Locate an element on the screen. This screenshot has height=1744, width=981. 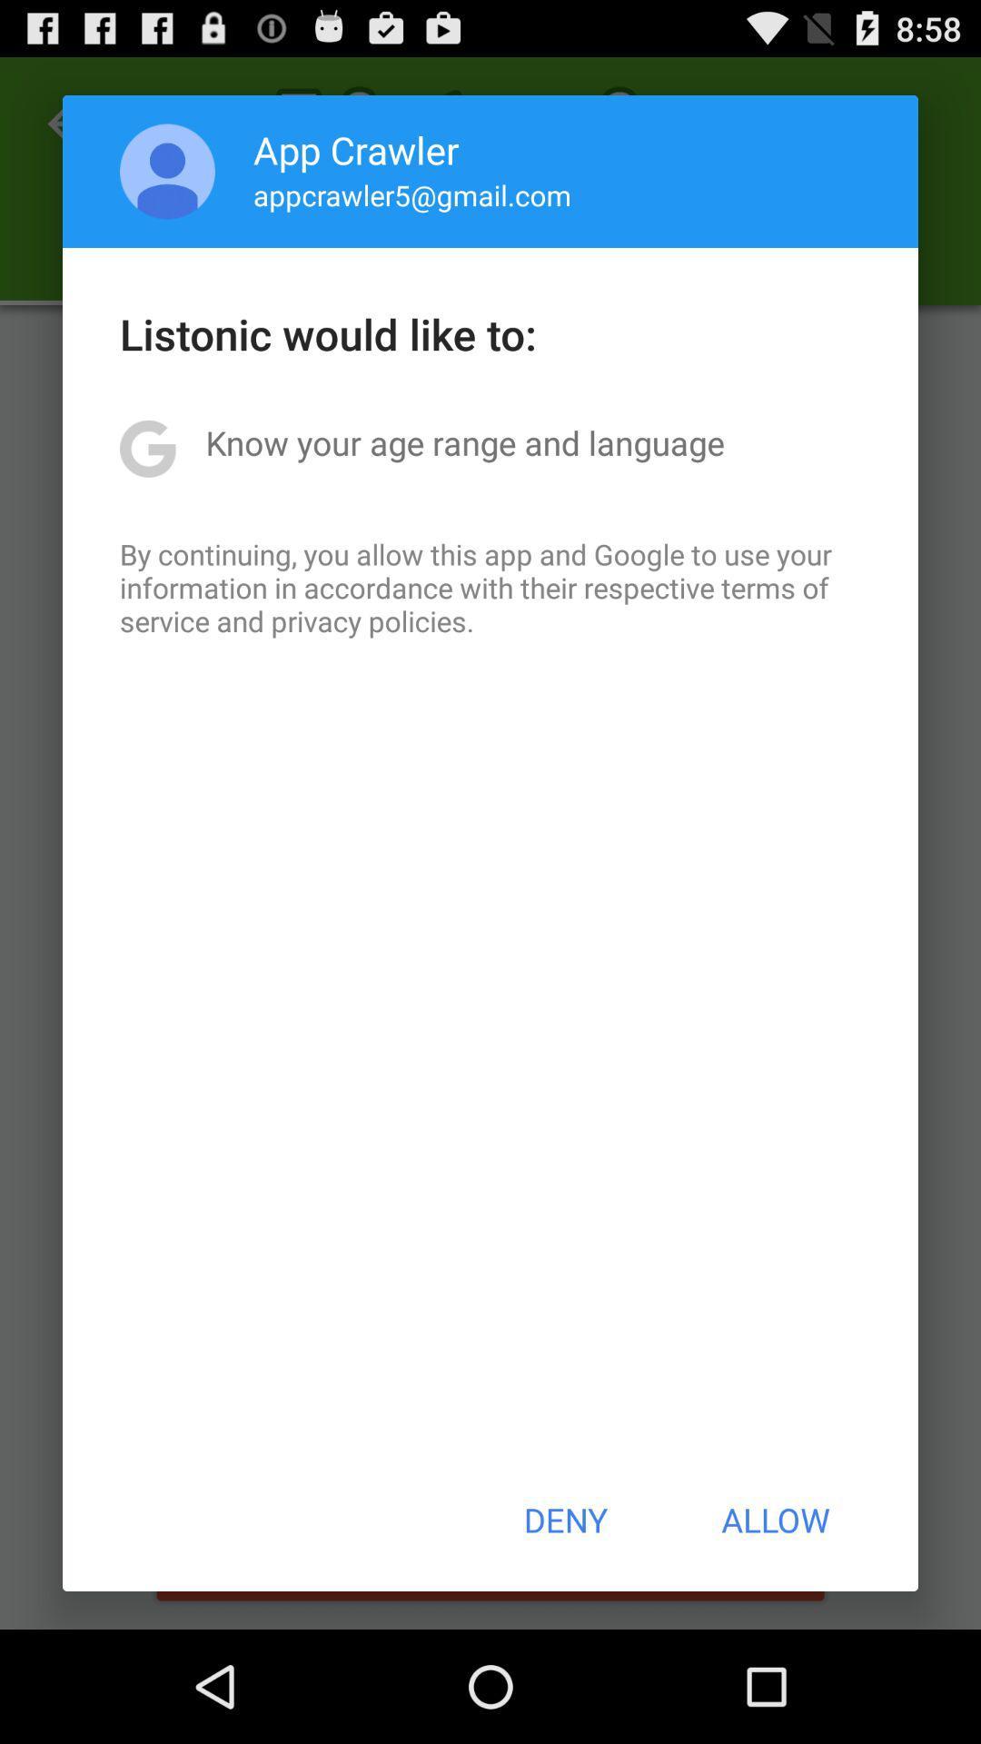
the app crawler item is located at coordinates (356, 149).